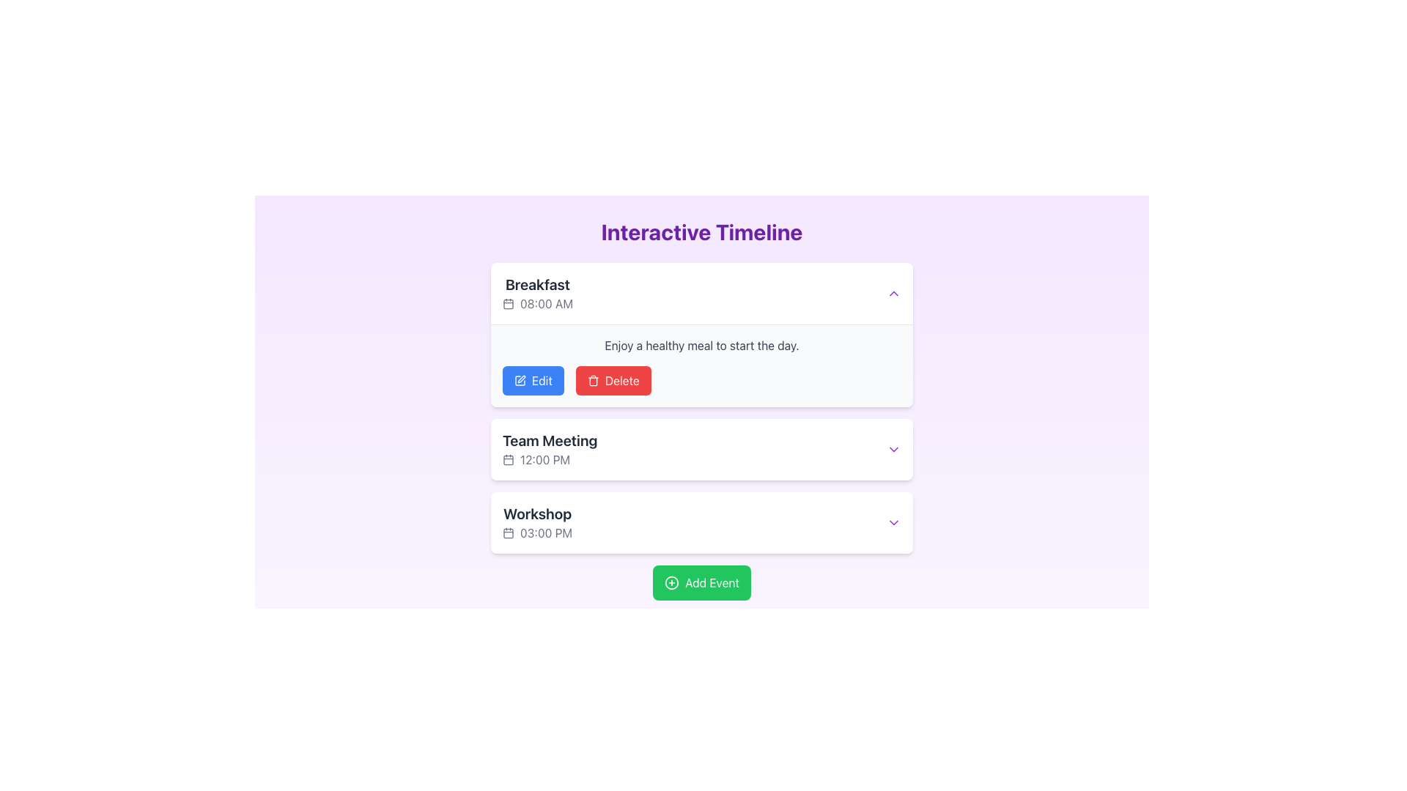 The image size is (1407, 791). Describe the element at coordinates (509, 459) in the screenshot. I see `the calendar icon representing the 'Team Meeting' event located at the beginning of the '12:00 PM' text in the timeline` at that location.